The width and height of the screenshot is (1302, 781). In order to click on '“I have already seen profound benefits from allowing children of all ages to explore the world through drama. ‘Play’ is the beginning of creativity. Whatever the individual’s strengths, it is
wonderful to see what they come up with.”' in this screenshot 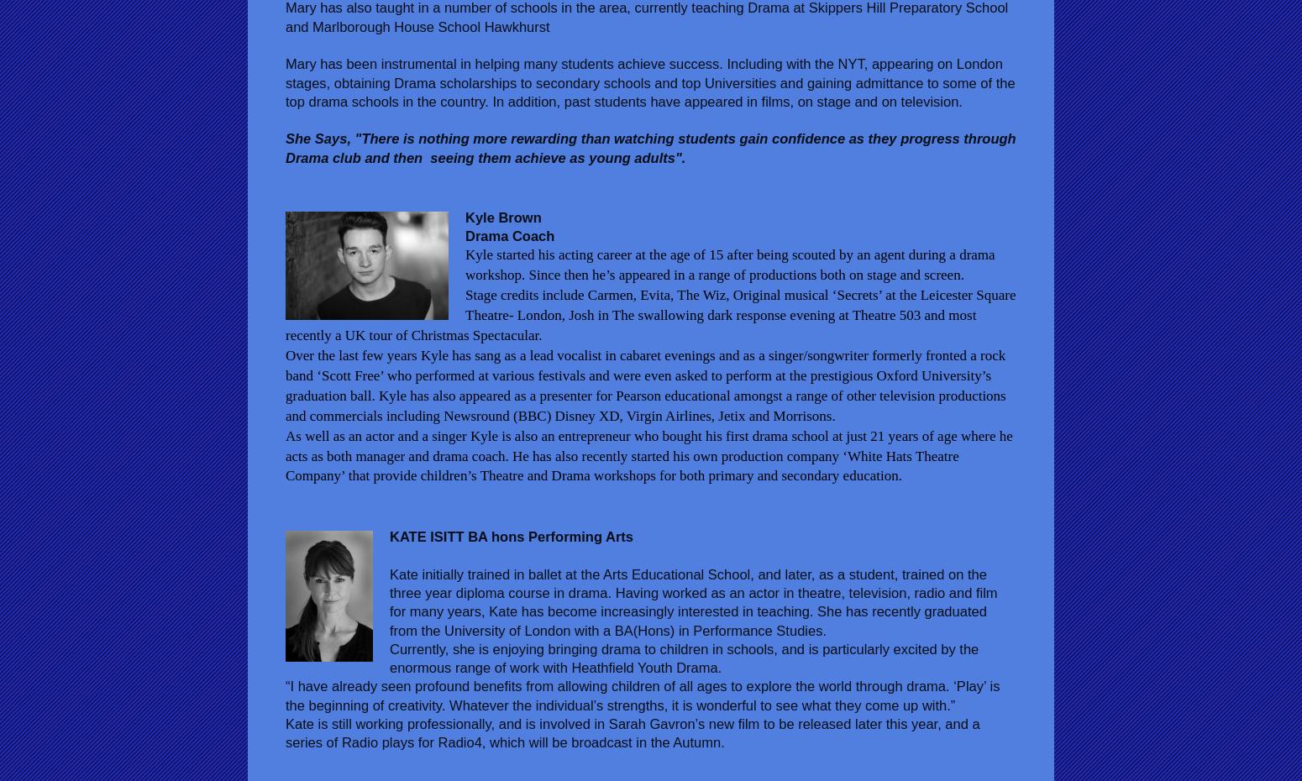, I will do `click(642, 694)`.